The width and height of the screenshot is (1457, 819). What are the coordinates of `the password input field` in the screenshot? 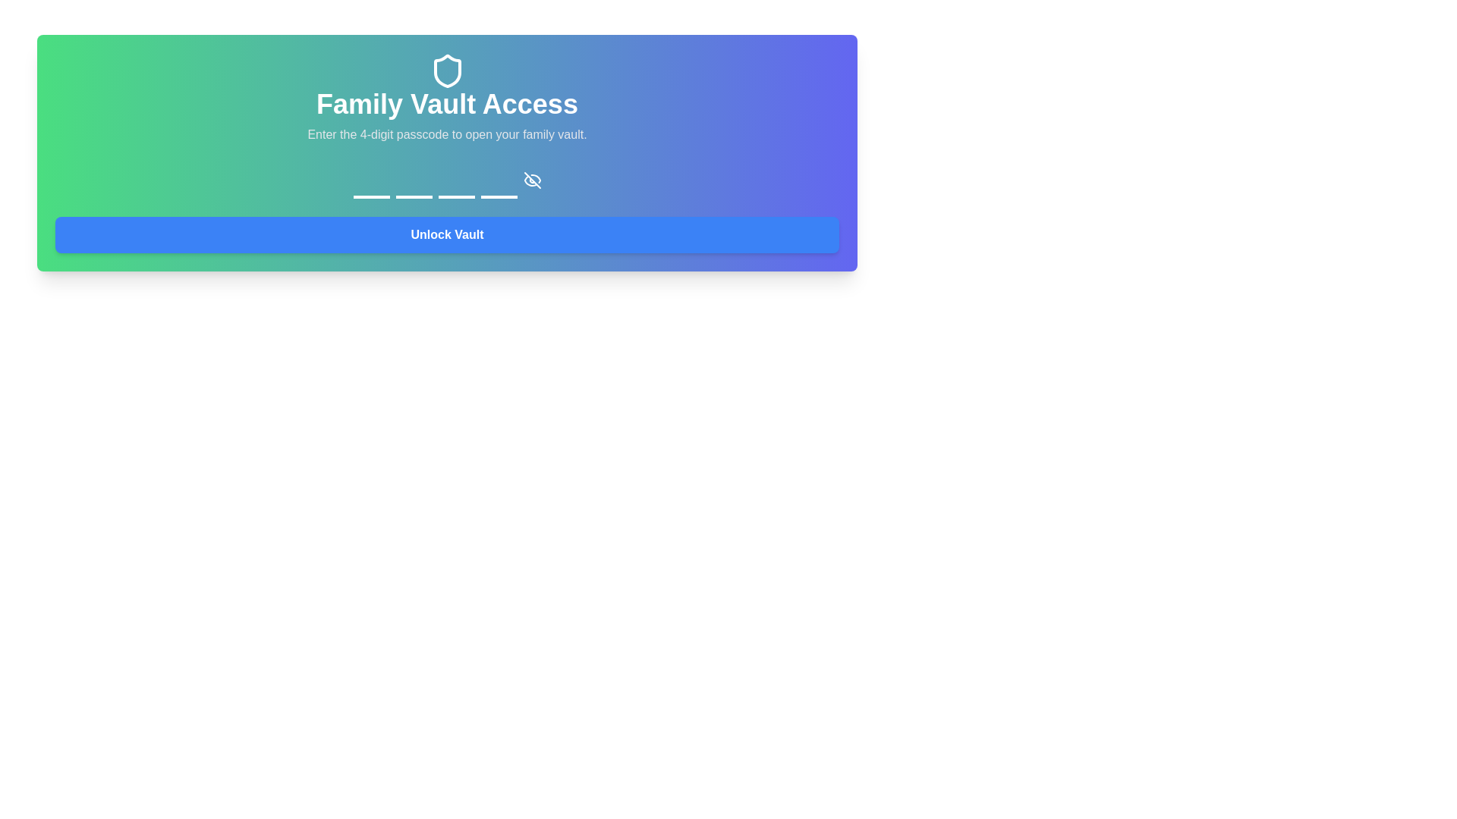 It's located at (371, 180).